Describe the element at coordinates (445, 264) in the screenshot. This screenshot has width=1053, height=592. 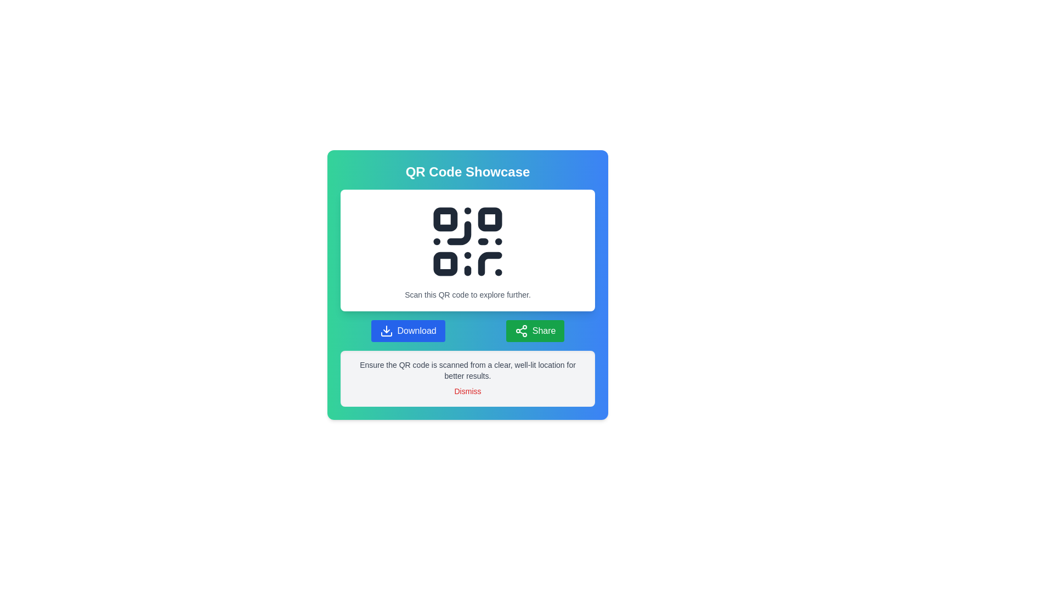
I see `the bottom-left square block of the QR code, which is part of the alignment markers used for QR code scanning` at that location.